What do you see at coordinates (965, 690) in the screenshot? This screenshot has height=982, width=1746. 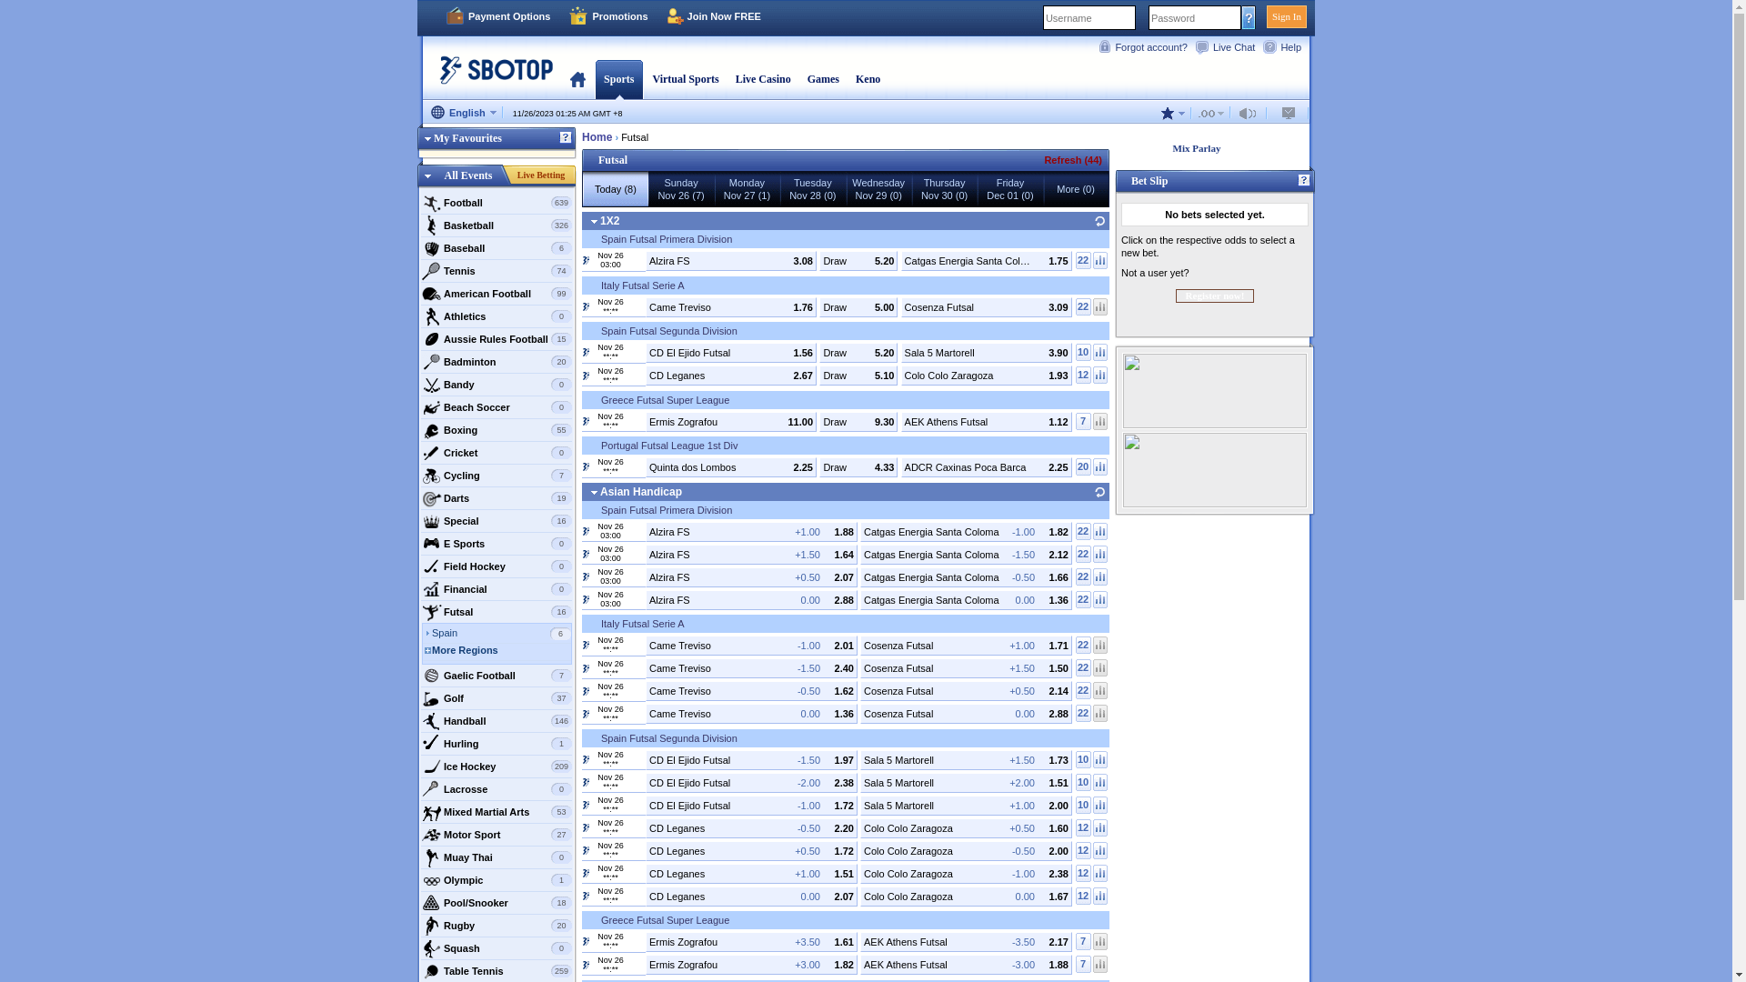 I see `'2.14` at bounding box center [965, 690].